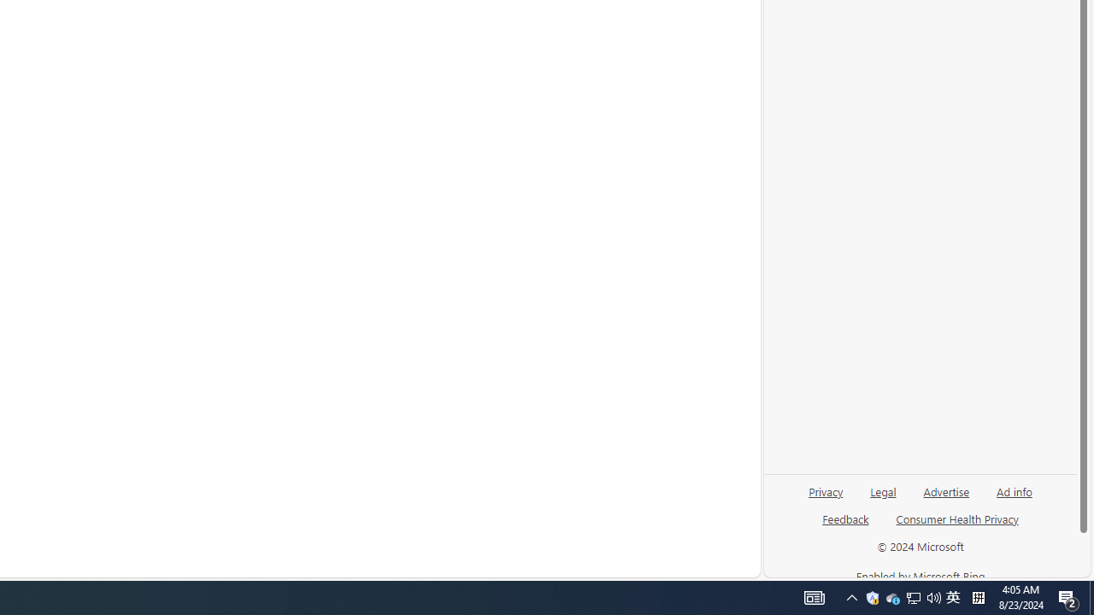  I want to click on 'Legal', so click(883, 490).